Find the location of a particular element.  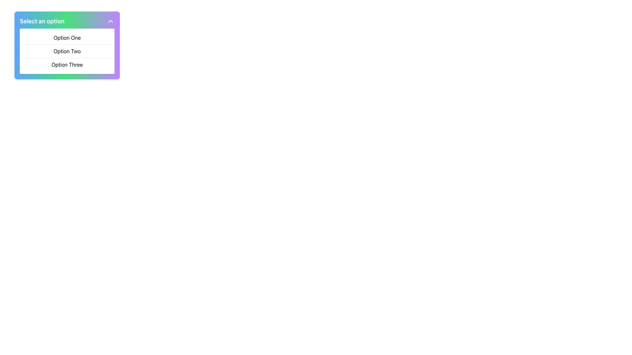

the text label reading 'Option Two' is located at coordinates (67, 51).